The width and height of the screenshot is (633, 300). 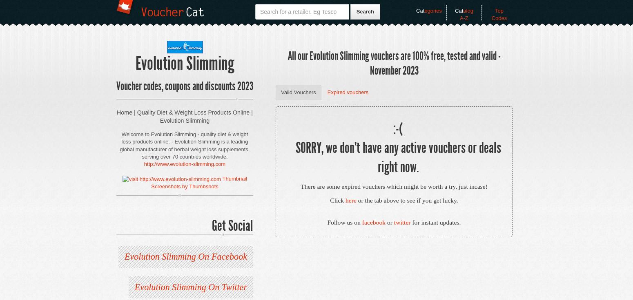 I want to click on 'SORRY, we don't have any active vouchers or deals right
								now.', so click(x=397, y=157).